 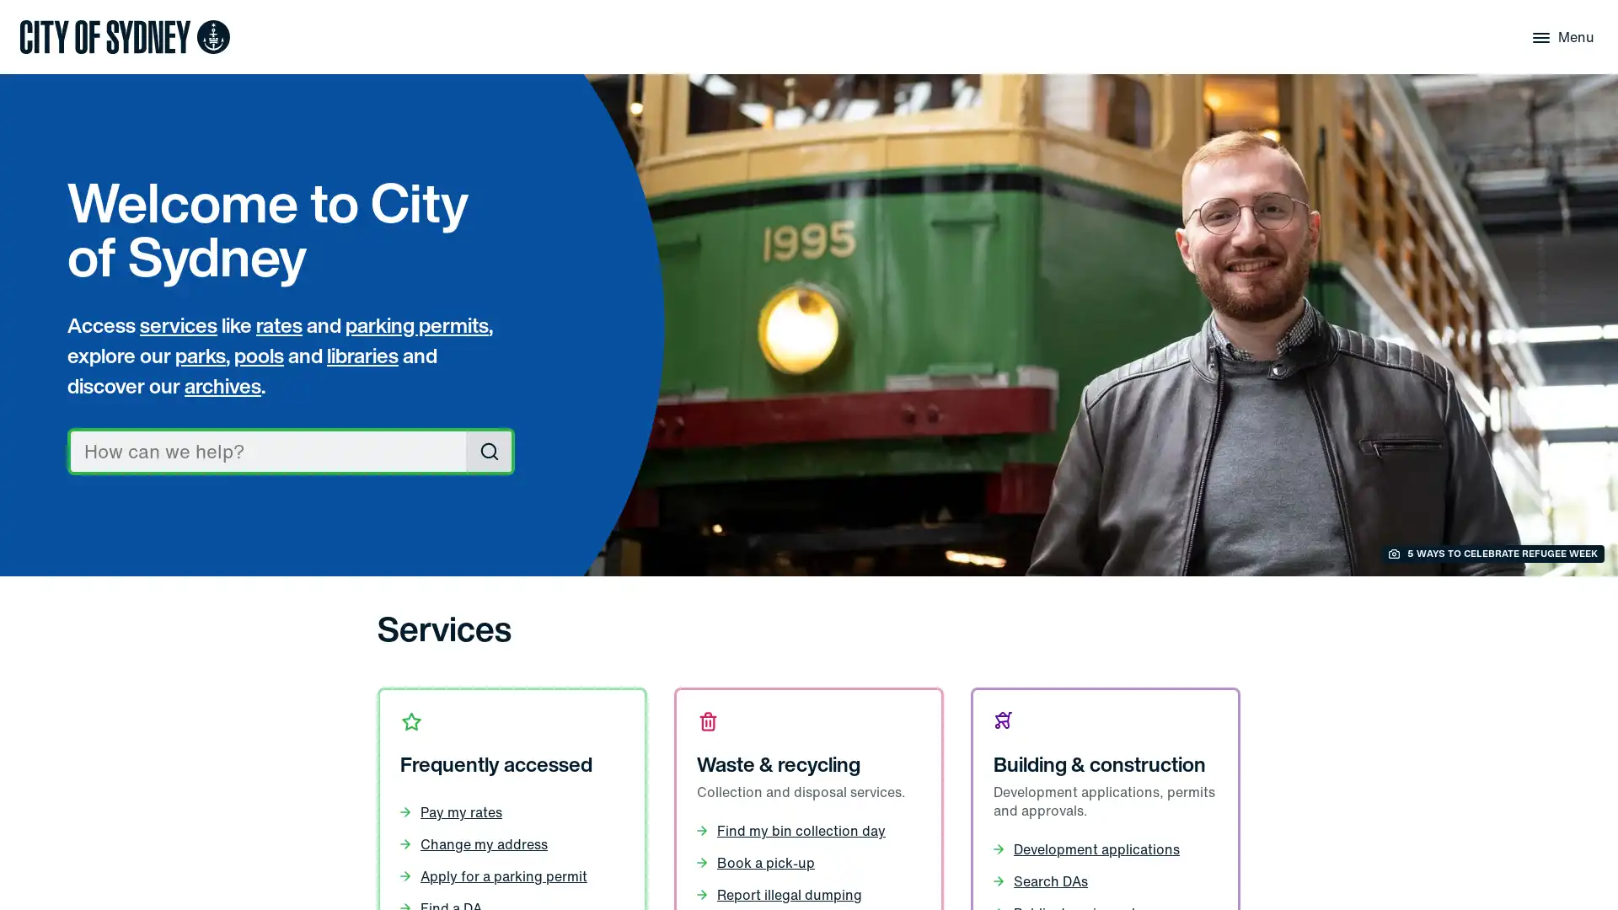 What do you see at coordinates (1492, 554) in the screenshot?
I see `Toggle image caption` at bounding box center [1492, 554].